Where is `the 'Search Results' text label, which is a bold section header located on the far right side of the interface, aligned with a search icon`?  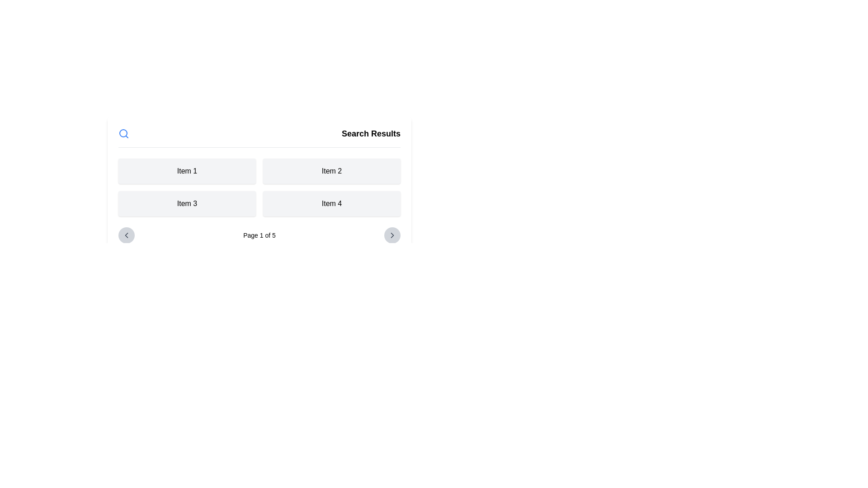 the 'Search Results' text label, which is a bold section header located on the far right side of the interface, aligned with a search icon is located at coordinates (371, 134).